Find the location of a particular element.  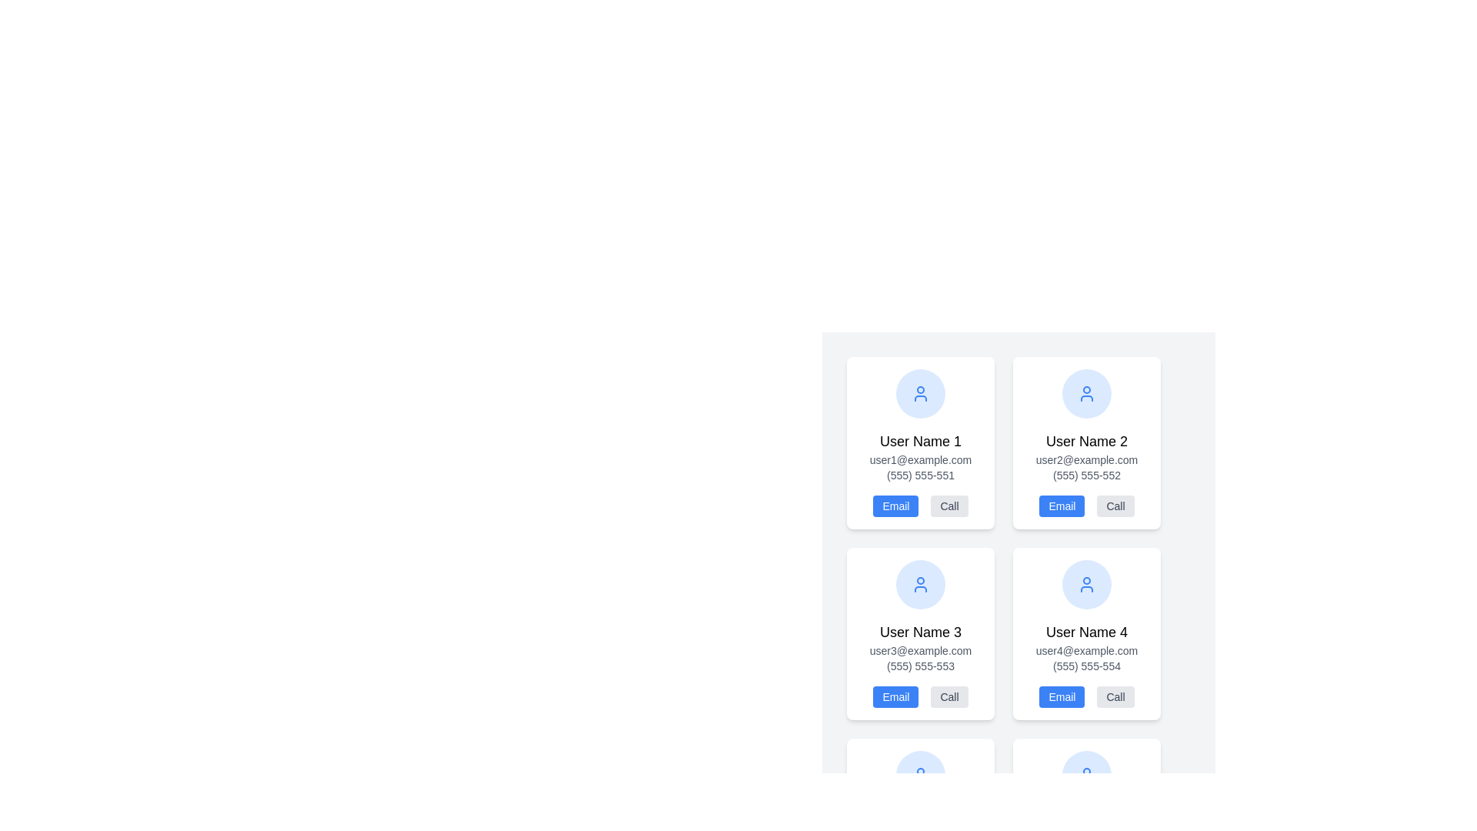

circular profile icon representing 'User Name 3' located at the top section of the user details card is located at coordinates (920, 584).